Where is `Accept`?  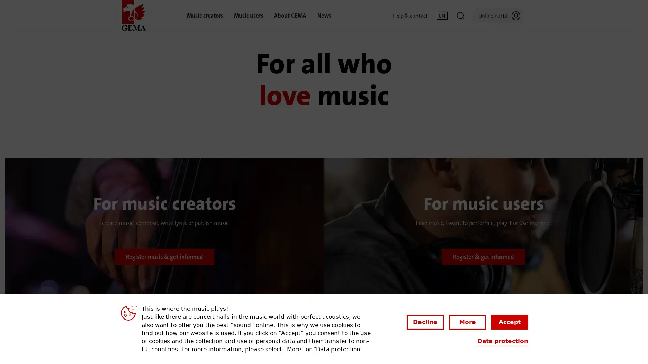
Accept is located at coordinates (510, 322).